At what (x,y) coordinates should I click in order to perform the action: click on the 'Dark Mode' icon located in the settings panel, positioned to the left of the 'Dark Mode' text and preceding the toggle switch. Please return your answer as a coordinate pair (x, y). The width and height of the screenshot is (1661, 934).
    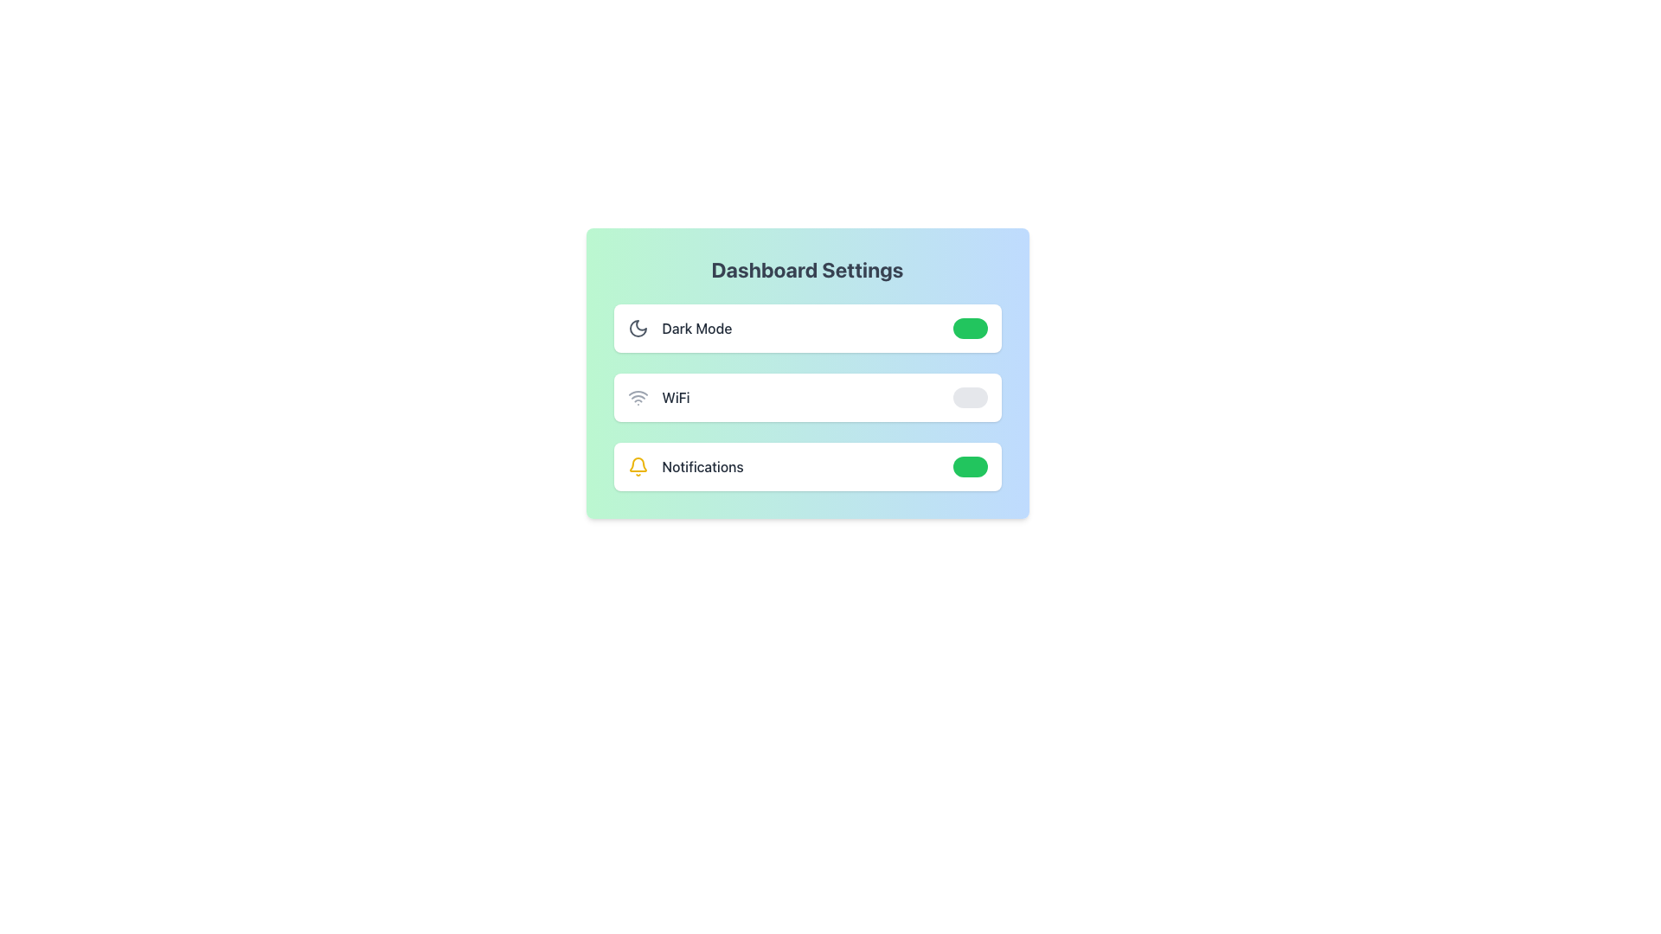
    Looking at the image, I should click on (637, 329).